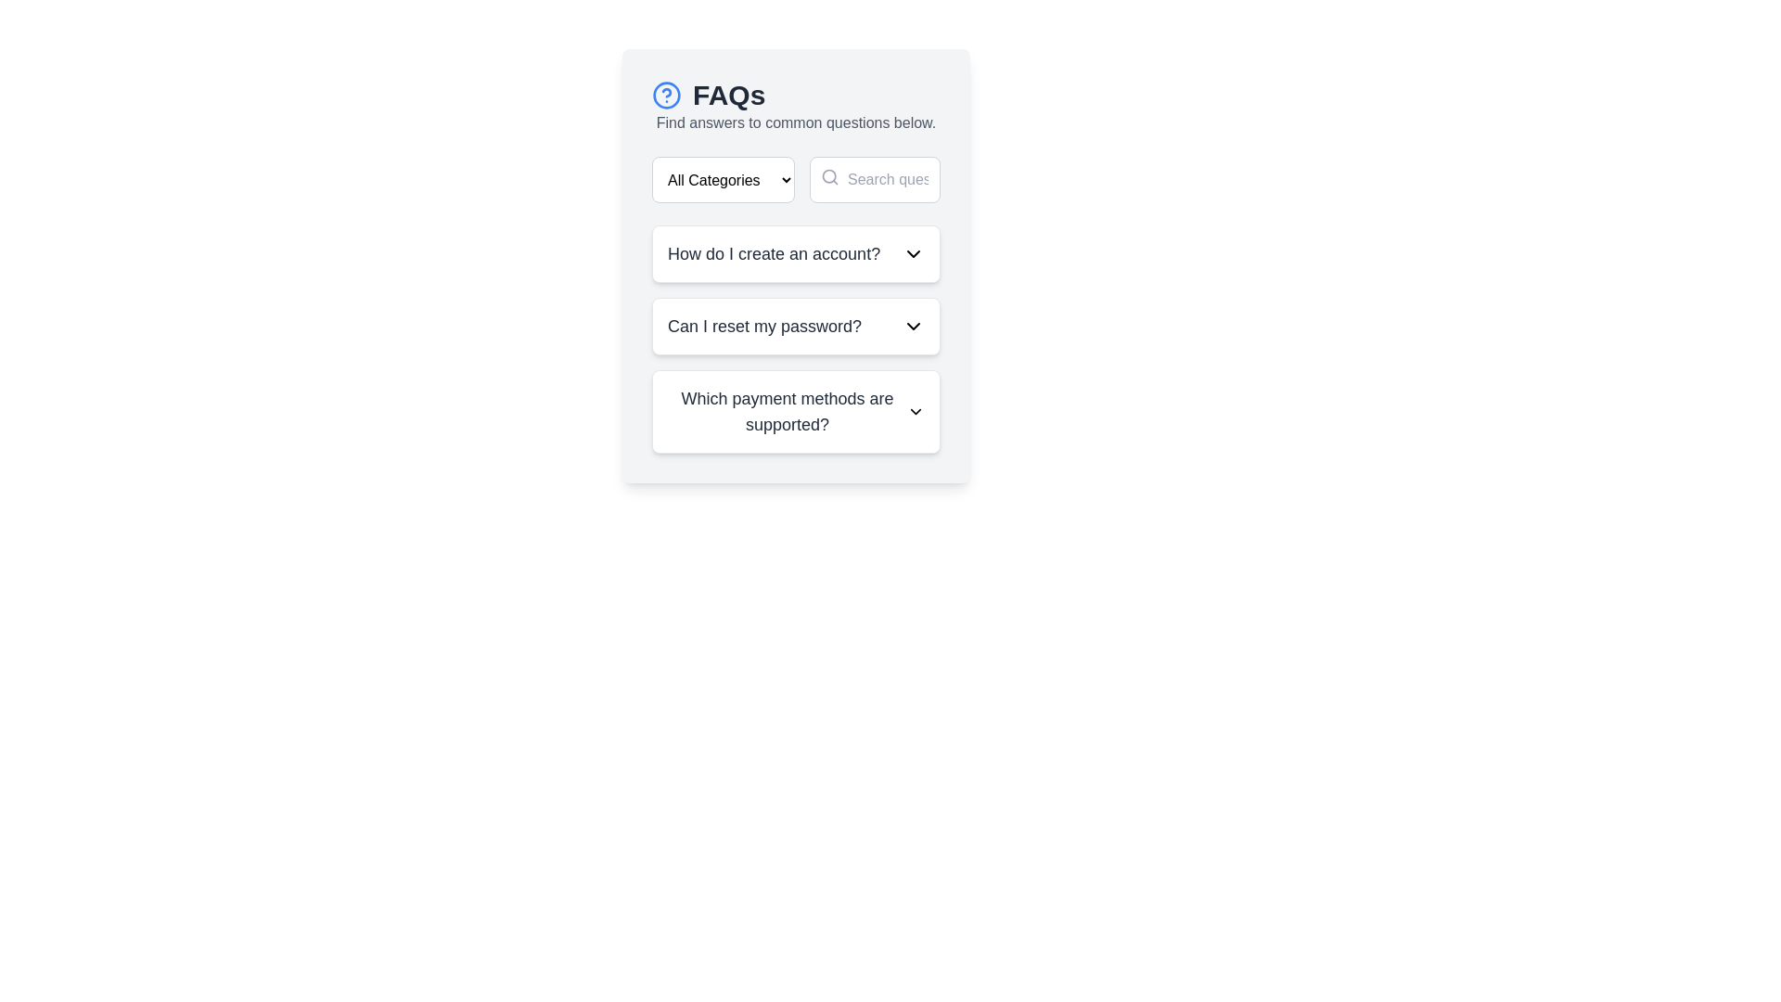 This screenshot has width=1781, height=1002. What do you see at coordinates (667, 96) in the screenshot?
I see `the blue circular icon with an outlined question mark, located to the left of the 'FAQs' text in the top heading section` at bounding box center [667, 96].